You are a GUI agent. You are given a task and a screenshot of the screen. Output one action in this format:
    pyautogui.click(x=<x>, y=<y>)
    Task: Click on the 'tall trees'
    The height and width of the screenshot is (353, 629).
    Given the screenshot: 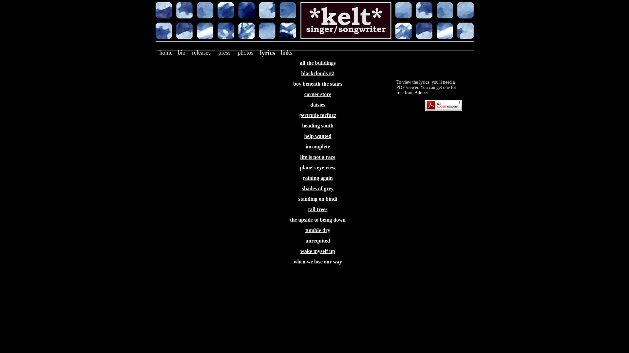 What is the action you would take?
    pyautogui.click(x=318, y=209)
    